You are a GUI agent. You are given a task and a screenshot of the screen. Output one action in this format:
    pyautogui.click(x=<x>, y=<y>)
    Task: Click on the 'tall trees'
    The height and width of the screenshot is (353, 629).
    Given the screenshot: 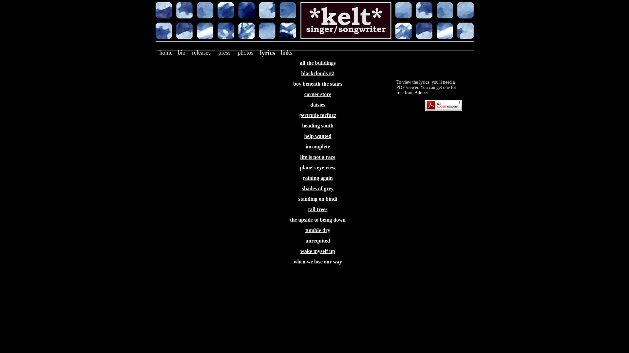 What is the action you would take?
    pyautogui.click(x=318, y=209)
    